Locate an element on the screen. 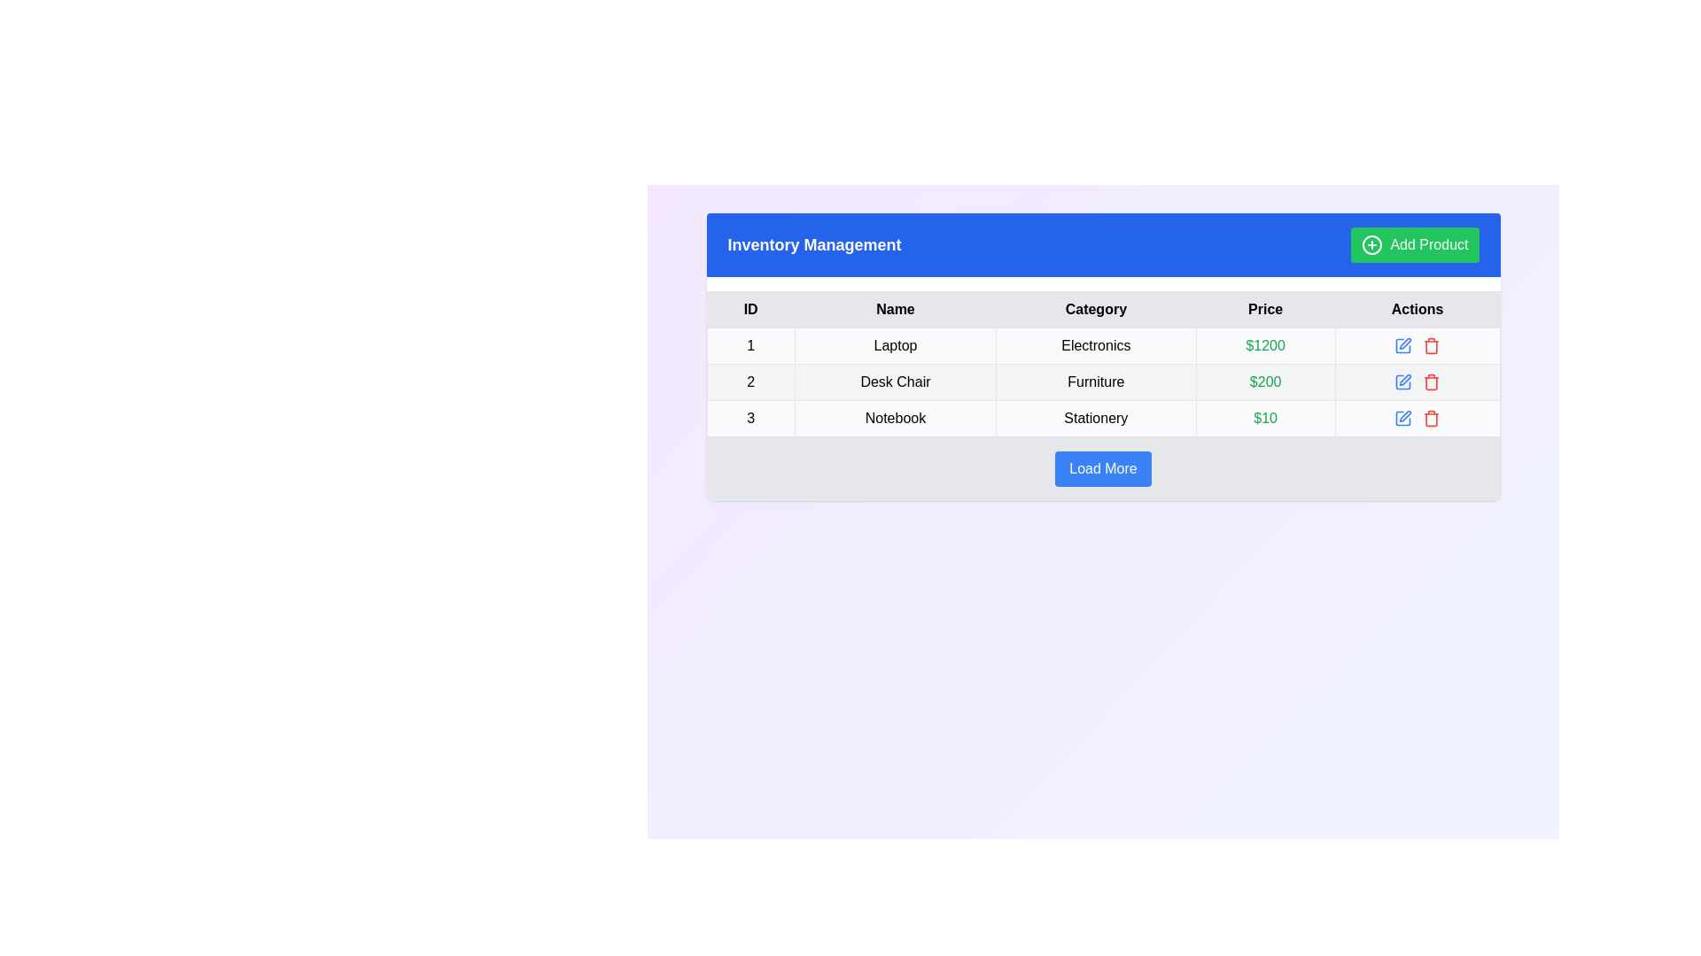  text within the inventory table located beneath the 'Inventory Management' header and above the 'Load More' button is located at coordinates (1102, 363).